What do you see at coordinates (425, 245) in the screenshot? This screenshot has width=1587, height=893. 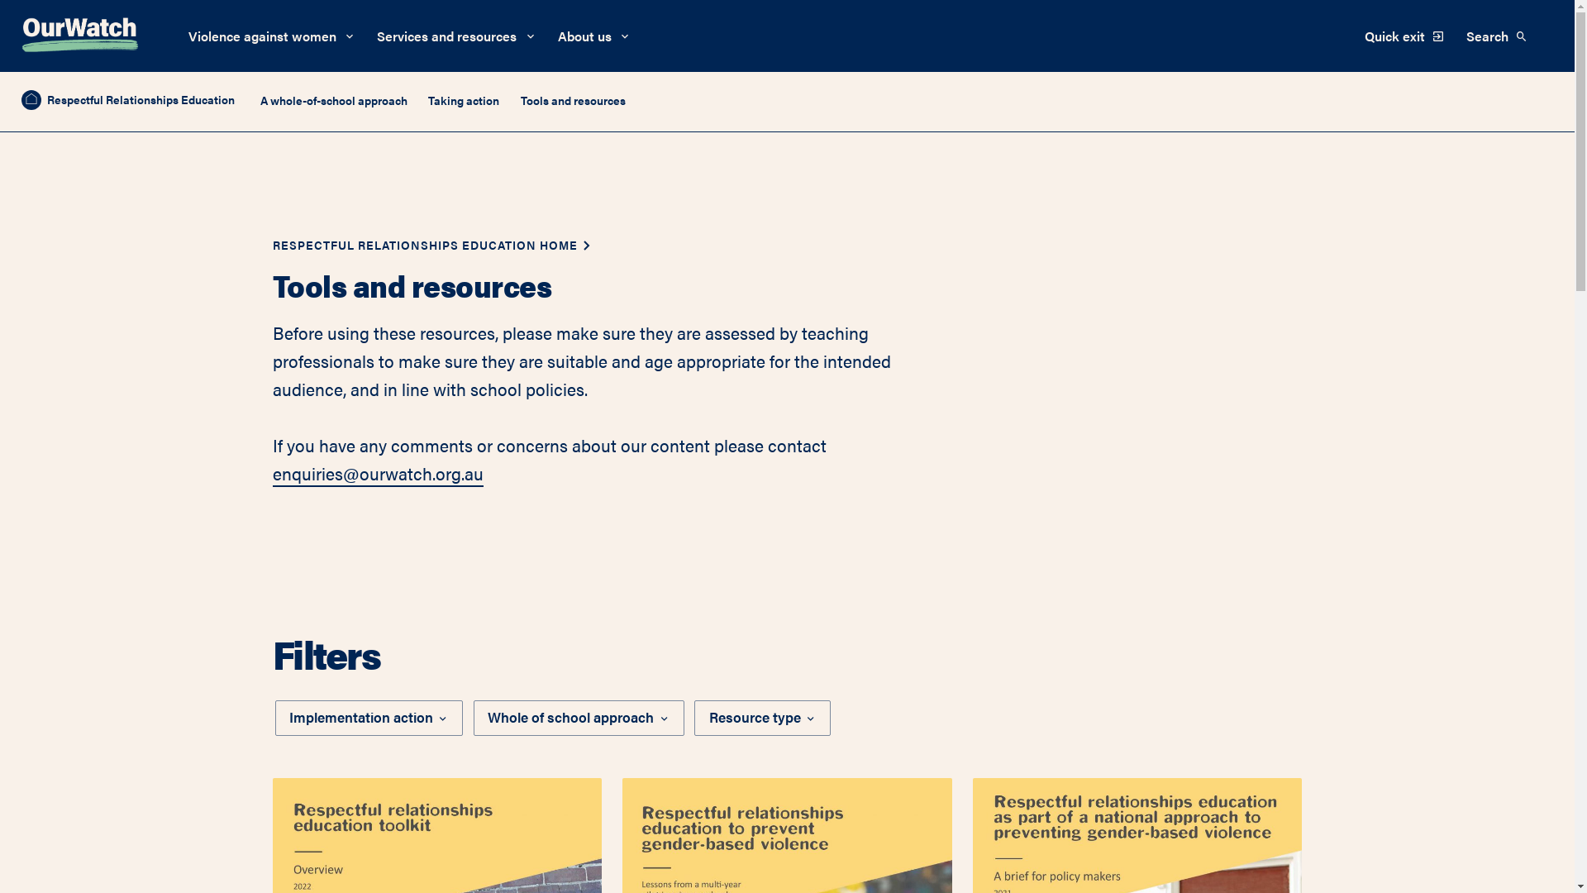 I see `'RESPECTFUL RELATIONSHIPS EDUCATION HOME'` at bounding box center [425, 245].